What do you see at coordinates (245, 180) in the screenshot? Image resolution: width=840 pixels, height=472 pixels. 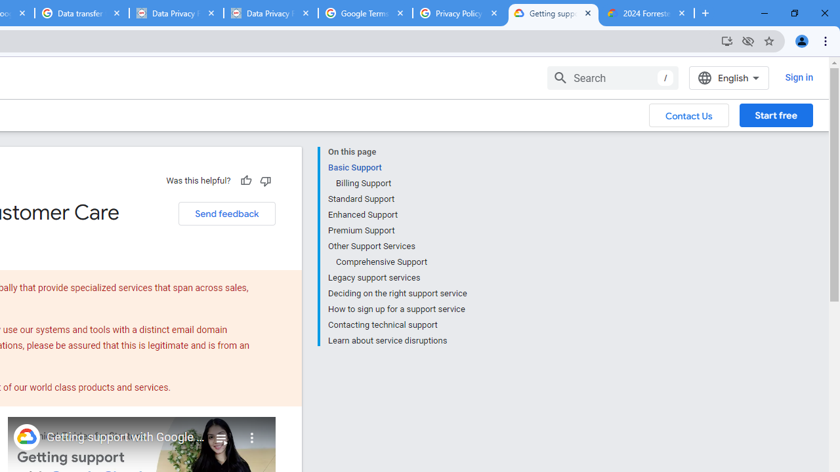 I see `'Helpful'` at bounding box center [245, 180].